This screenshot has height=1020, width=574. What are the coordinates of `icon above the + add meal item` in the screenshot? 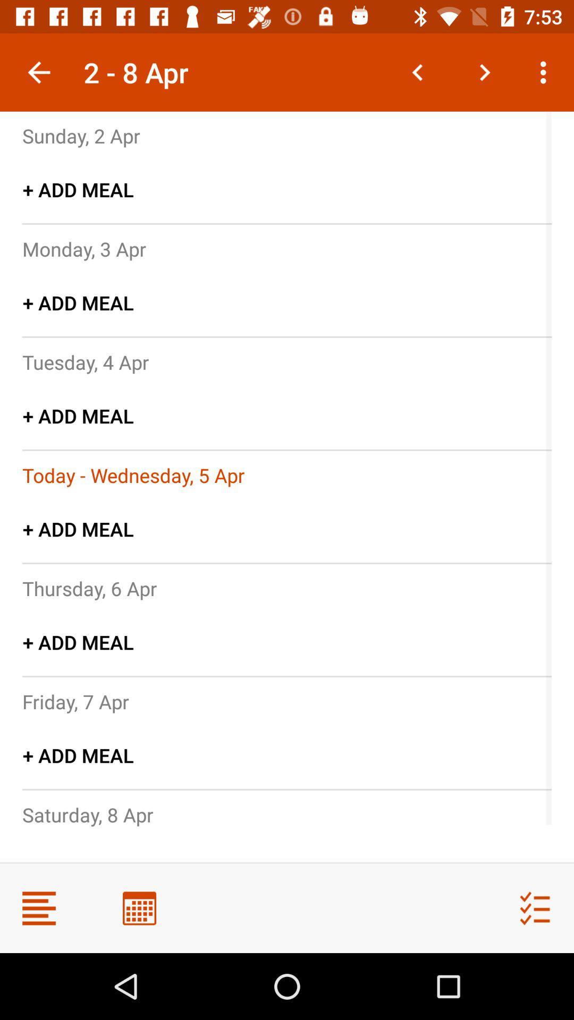 It's located at (83, 248).